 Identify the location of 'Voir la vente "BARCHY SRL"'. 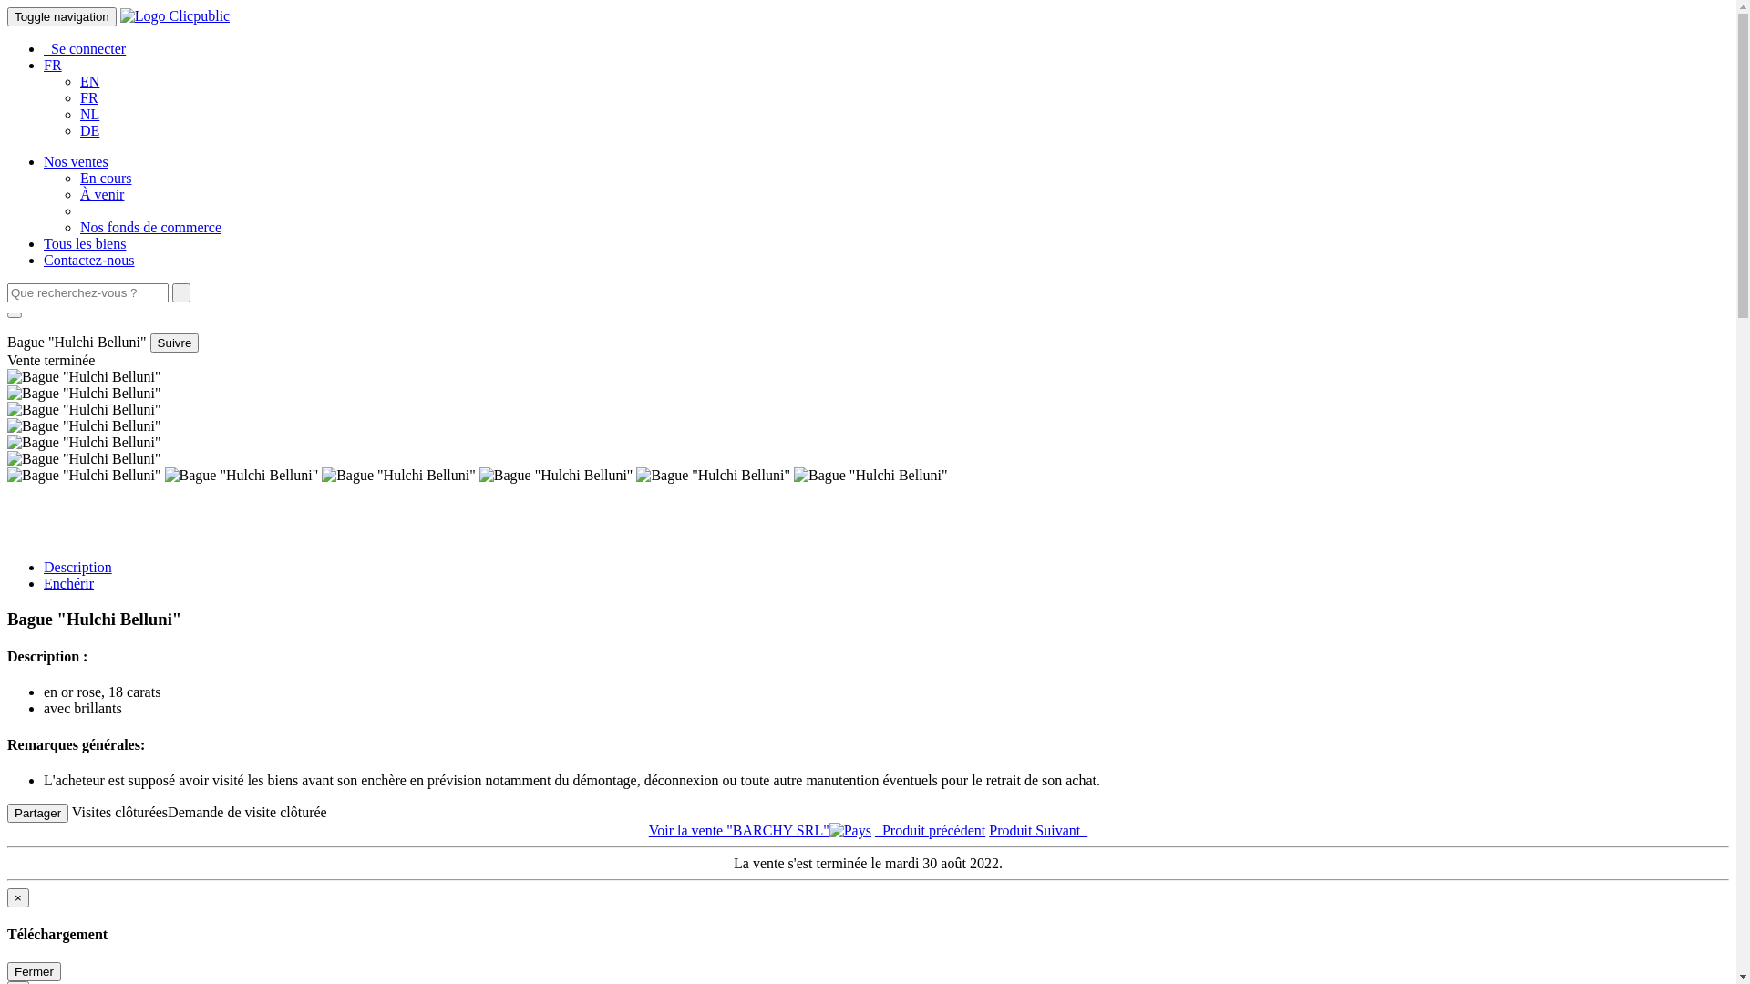
(760, 830).